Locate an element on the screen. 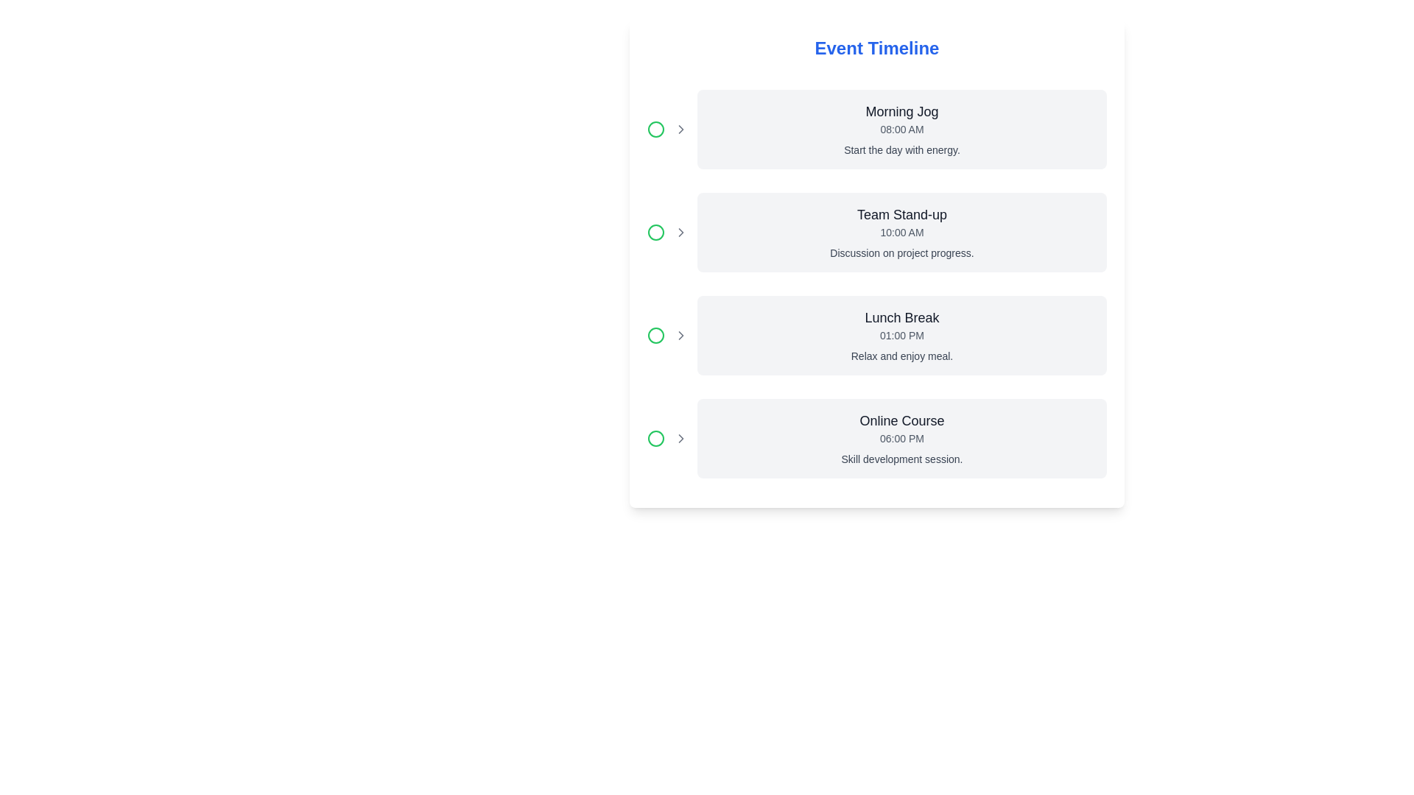 Image resolution: width=1414 pixels, height=795 pixels. the informational card element that displays 'Lunch Break', which is located centrally in a list of event cards is located at coordinates (901, 335).